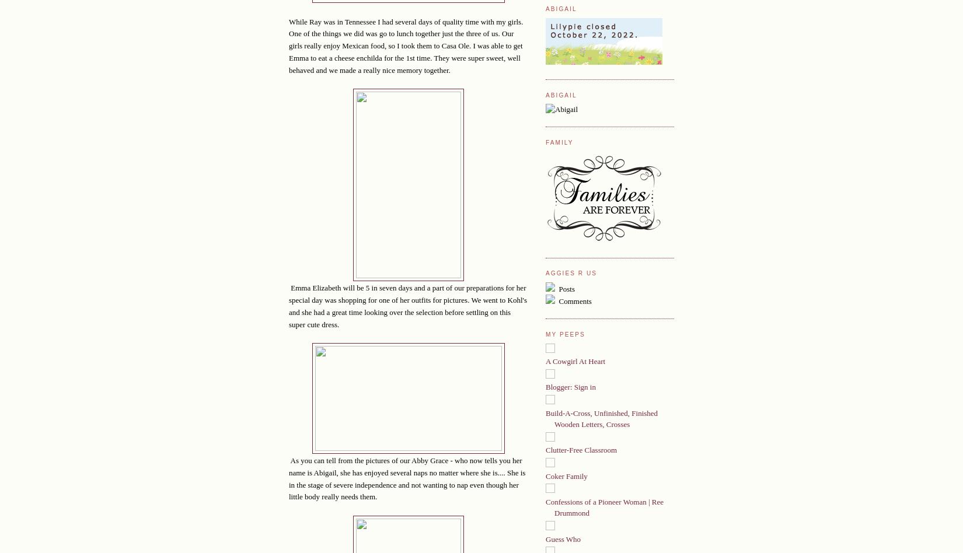 This screenshot has width=963, height=553. What do you see at coordinates (559, 142) in the screenshot?
I see `'Family'` at bounding box center [559, 142].